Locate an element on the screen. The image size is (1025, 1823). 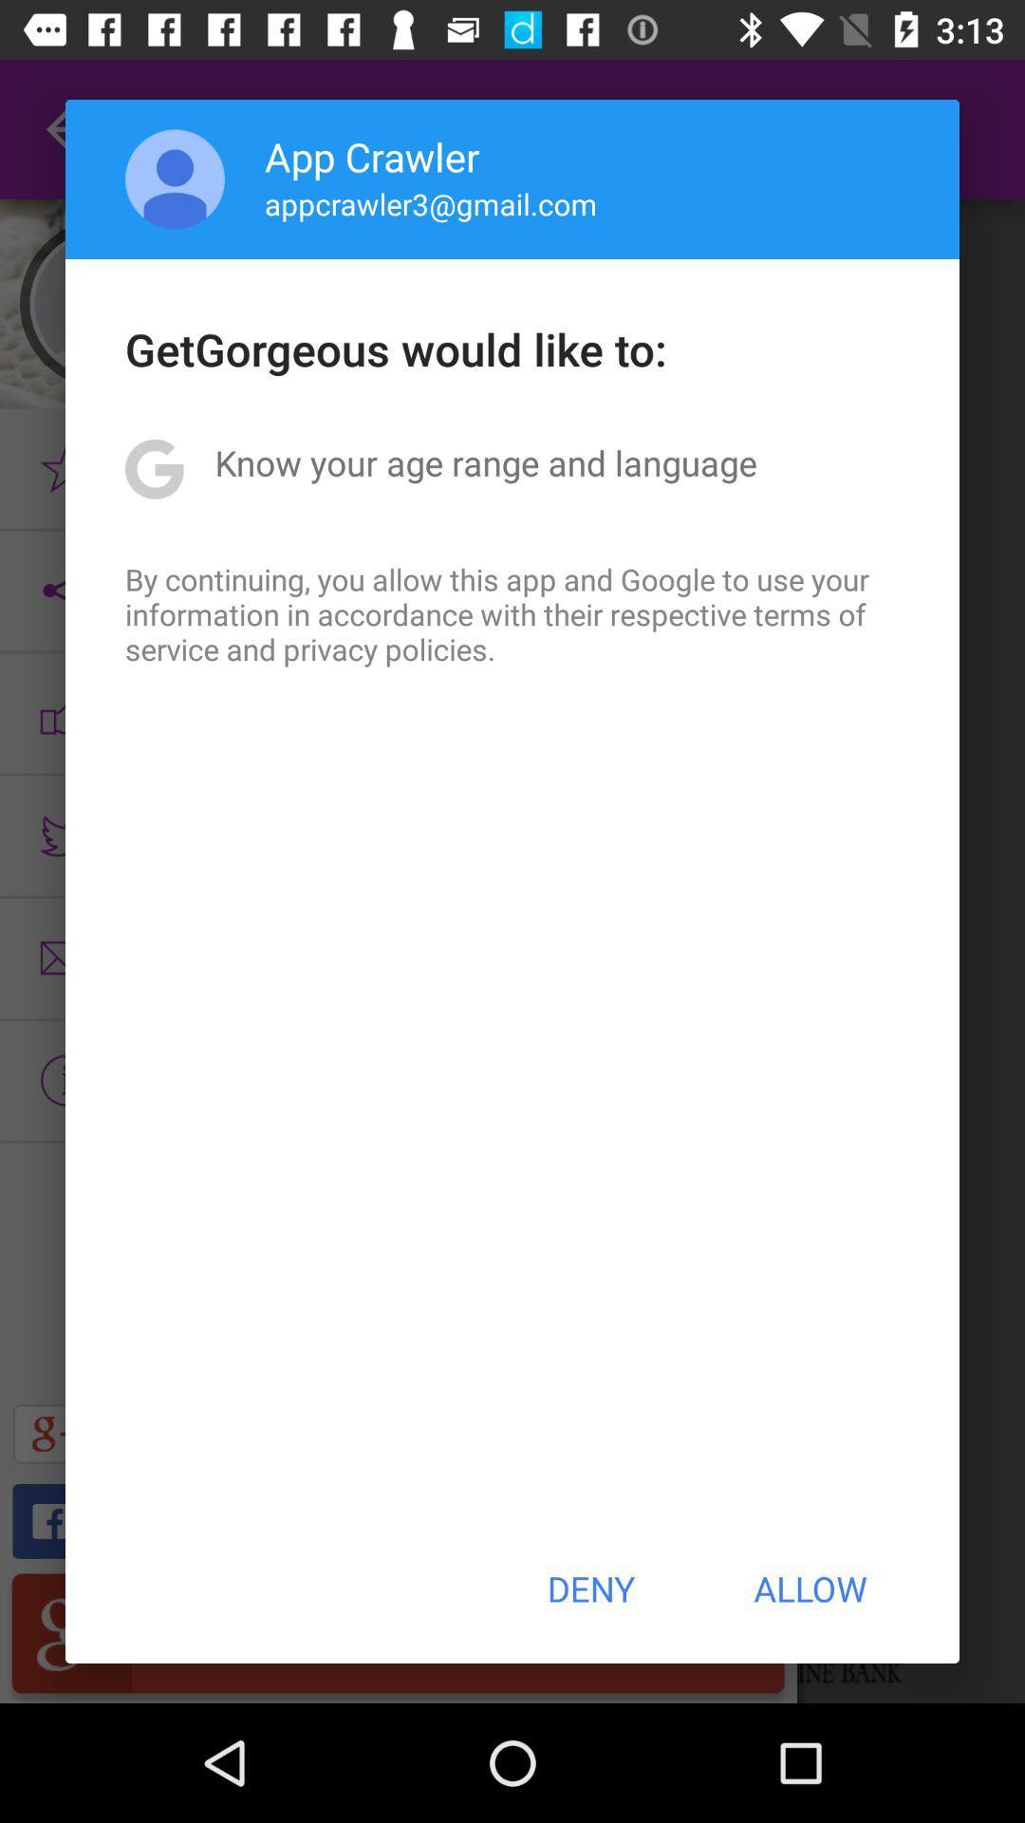
item above the getgorgeous would like is located at coordinates (175, 179).